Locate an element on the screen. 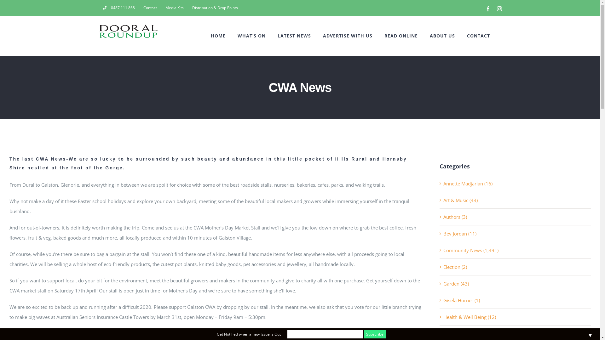 The height and width of the screenshot is (340, 605). 'Contact' is located at coordinates (150, 8).